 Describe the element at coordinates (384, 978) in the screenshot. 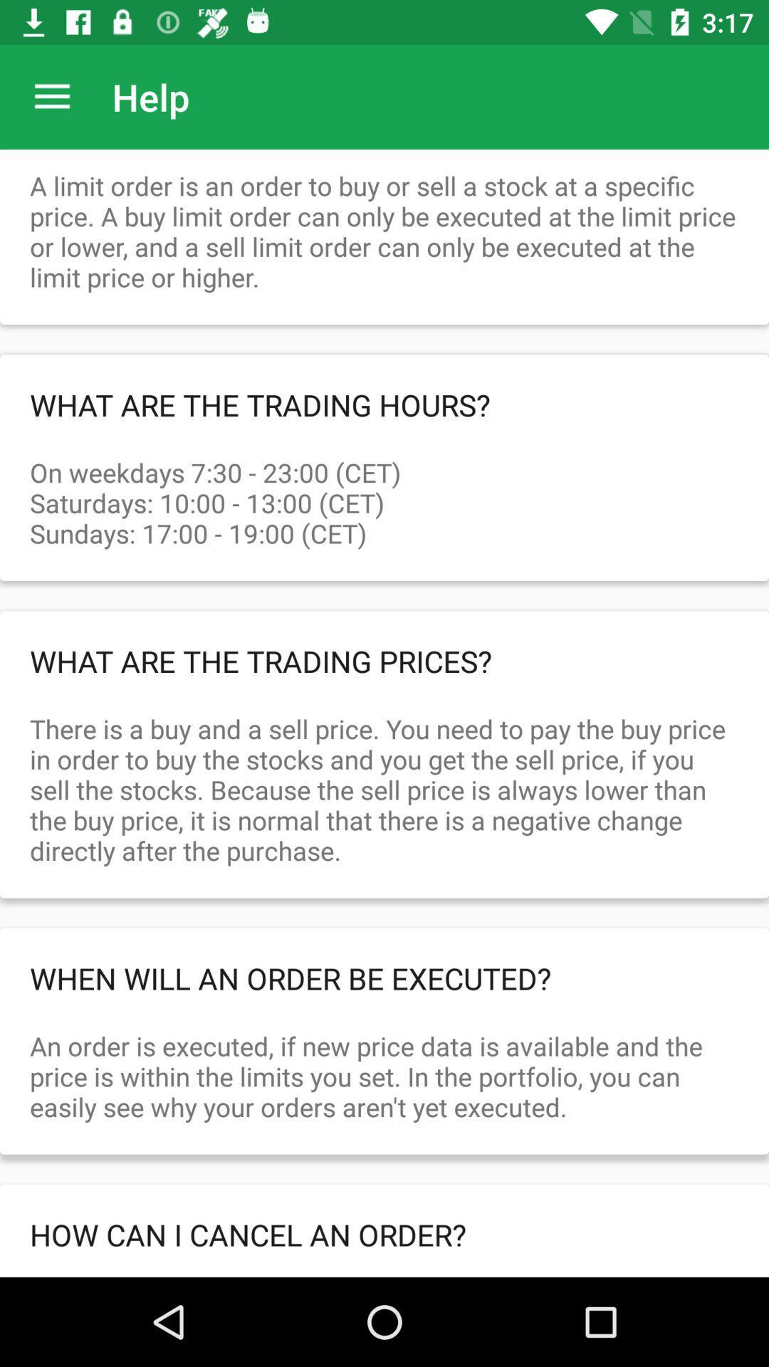

I see `when will an order be executed` at that location.